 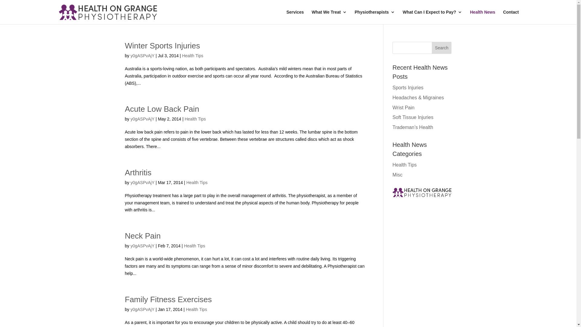 What do you see at coordinates (408, 88) in the screenshot?
I see `'Sports Injuries'` at bounding box center [408, 88].